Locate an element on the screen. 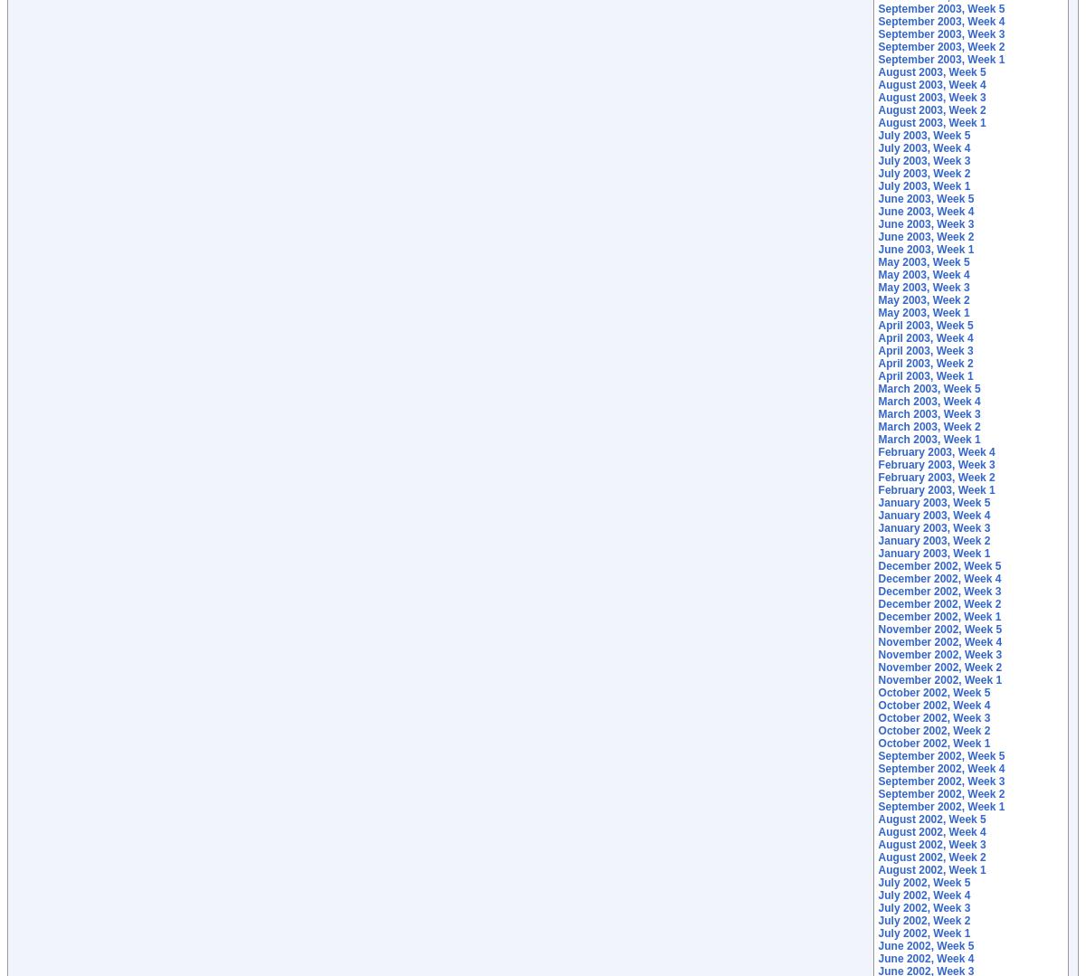 The image size is (1086, 976). 'May 2003, Week 3' is located at coordinates (923, 286).